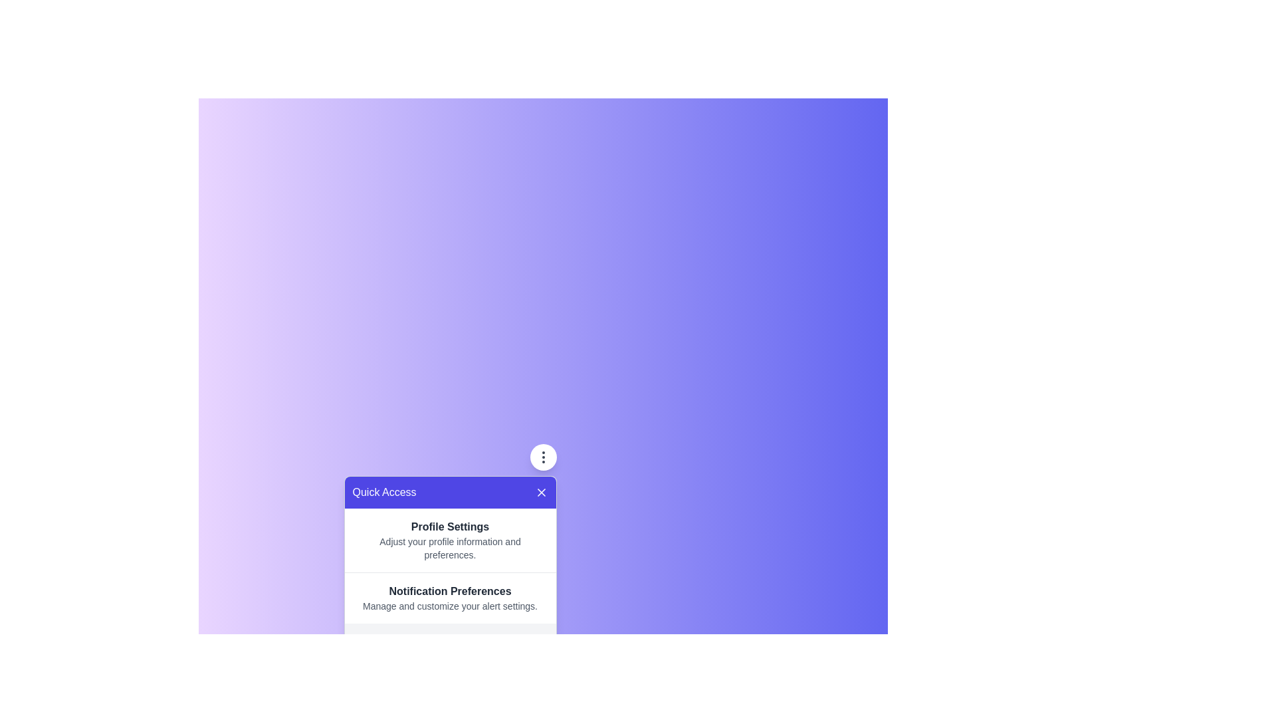 Image resolution: width=1276 pixels, height=718 pixels. What do you see at coordinates (541, 492) in the screenshot?
I see `the close button located at the top-right corner of the 'Quick Access' pop-up box` at bounding box center [541, 492].